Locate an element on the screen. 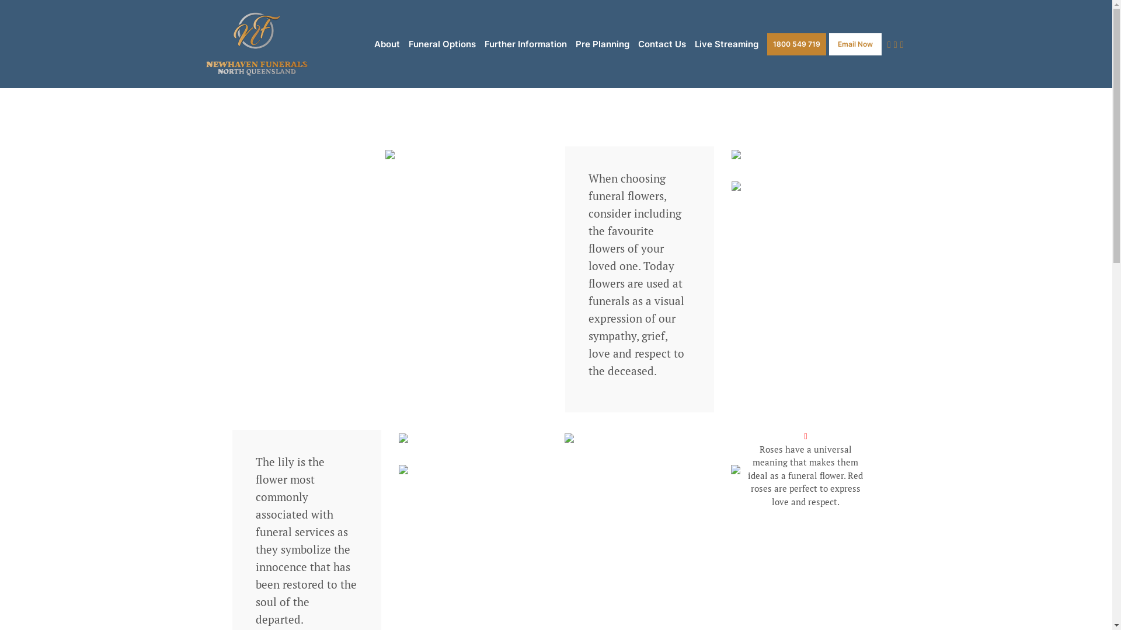  'Further Information' is located at coordinates (525, 44).